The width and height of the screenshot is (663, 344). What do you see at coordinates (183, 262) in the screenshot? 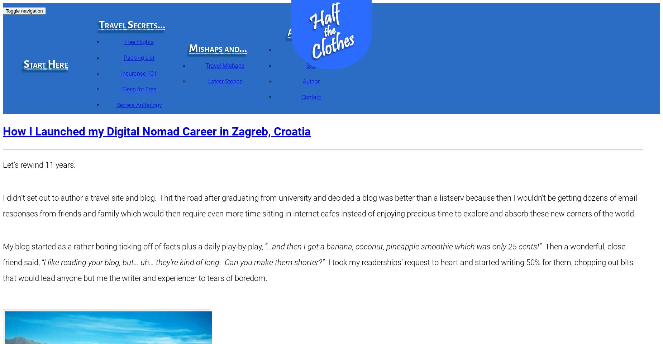
I see `'“I like reading your blog, but… uh… they’re kind of long.   Can you make them shorter?”'` at bounding box center [183, 262].